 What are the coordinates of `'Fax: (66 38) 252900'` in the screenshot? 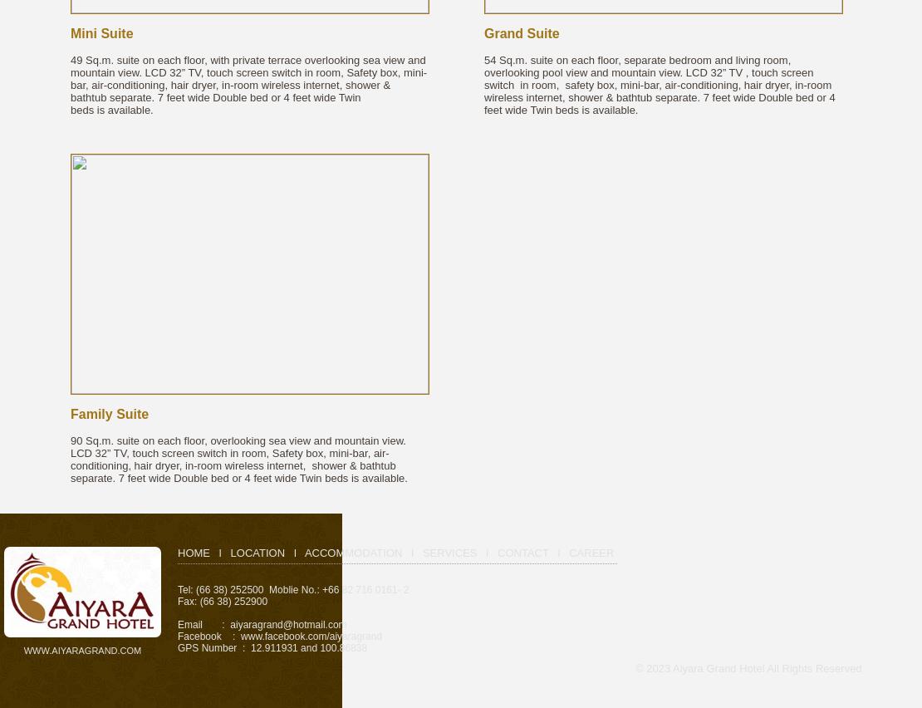 It's located at (222, 601).